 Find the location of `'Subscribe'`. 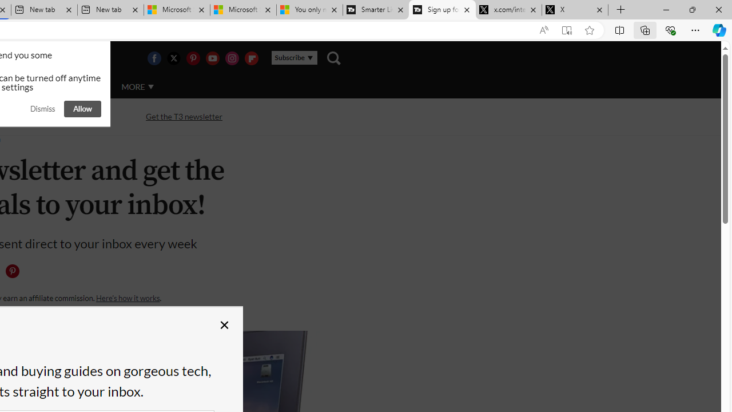

'Subscribe' is located at coordinates (294, 58).